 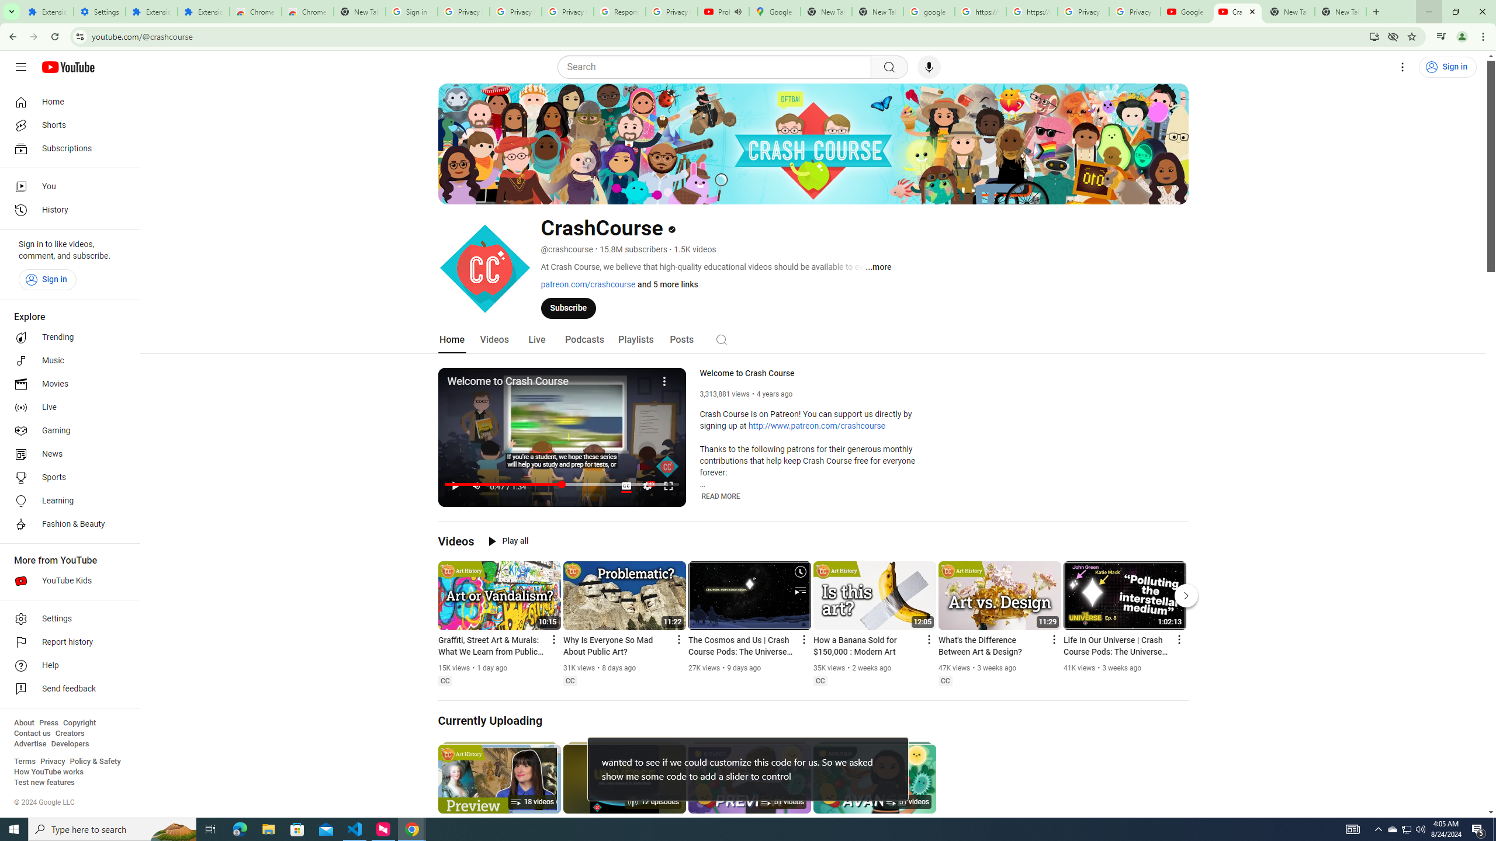 What do you see at coordinates (66, 501) in the screenshot?
I see `'Learning'` at bounding box center [66, 501].